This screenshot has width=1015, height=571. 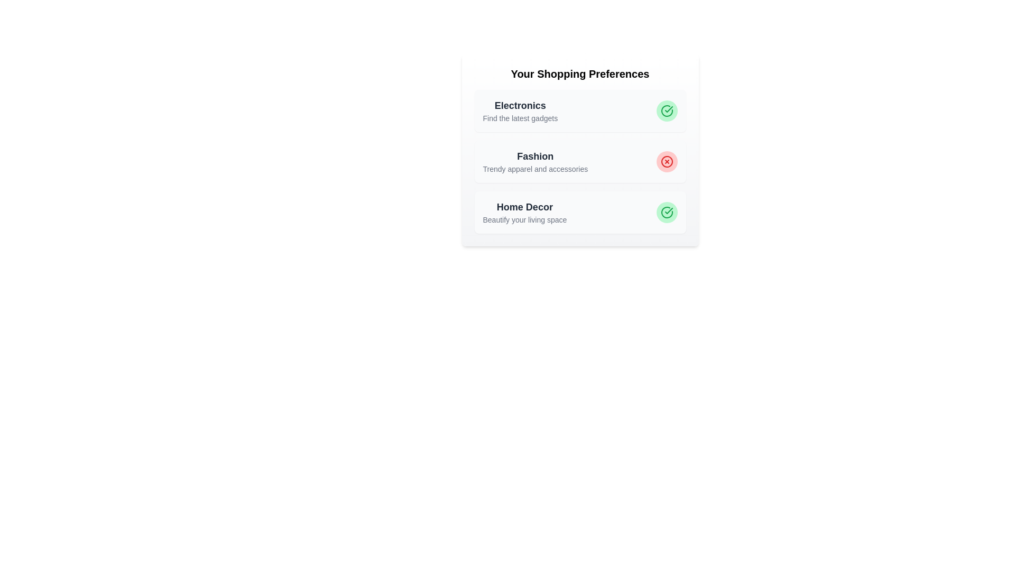 What do you see at coordinates (535, 156) in the screenshot?
I see `the title and description of the preference item Fashion` at bounding box center [535, 156].